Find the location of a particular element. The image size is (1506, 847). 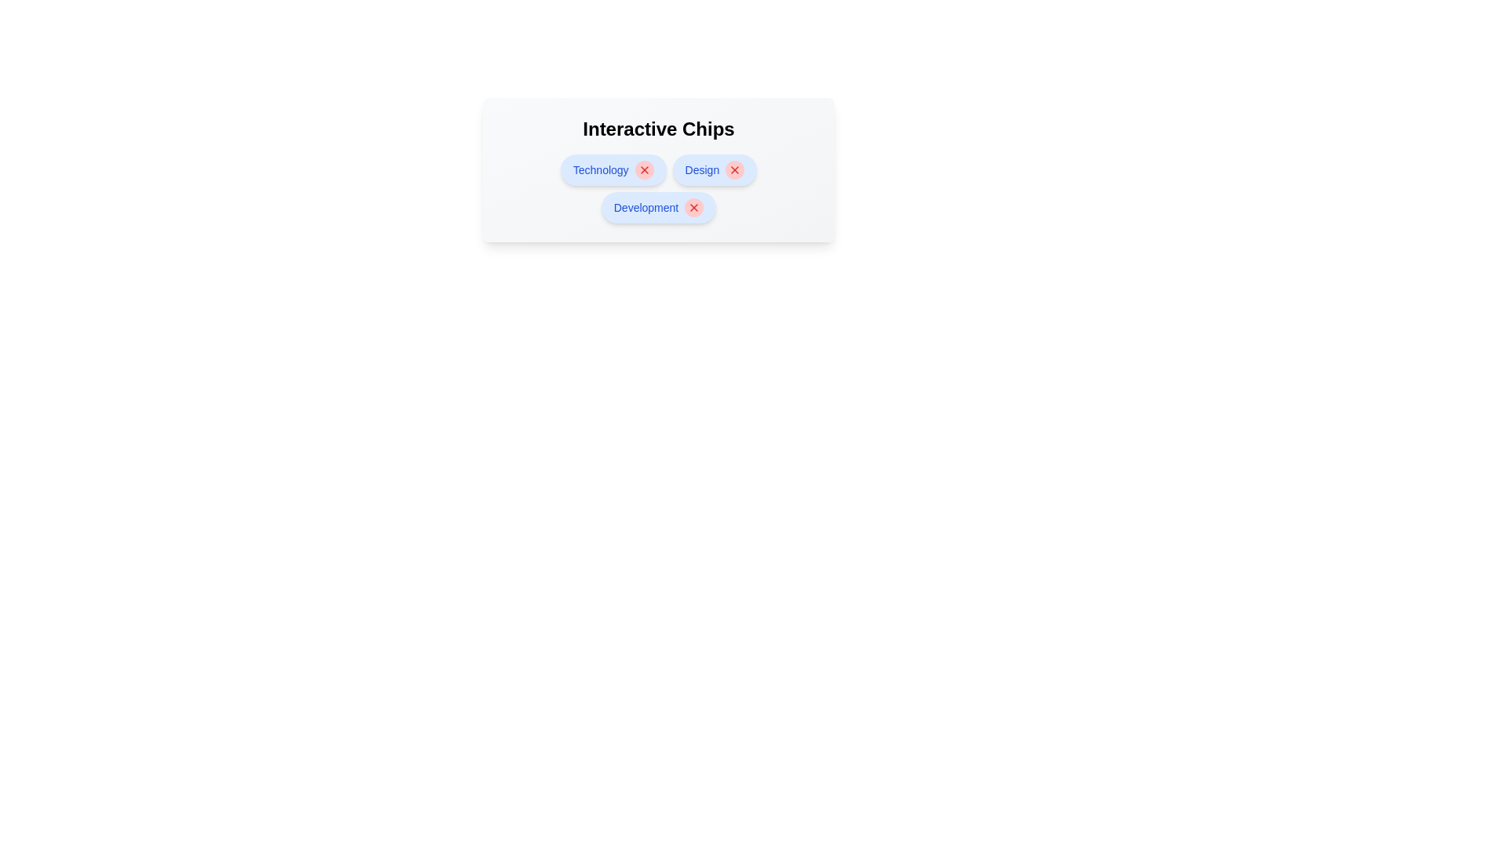

close button on the chip labeled Design to delete it is located at coordinates (734, 169).